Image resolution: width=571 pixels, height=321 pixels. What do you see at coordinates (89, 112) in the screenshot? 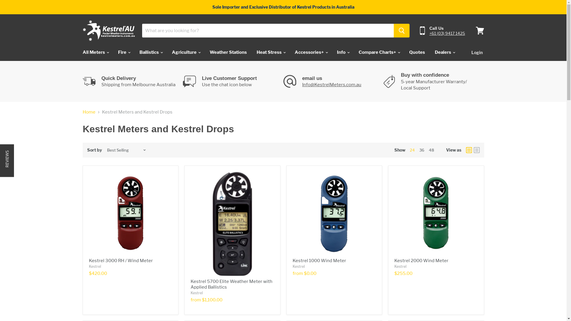
I see `'Home'` at bounding box center [89, 112].